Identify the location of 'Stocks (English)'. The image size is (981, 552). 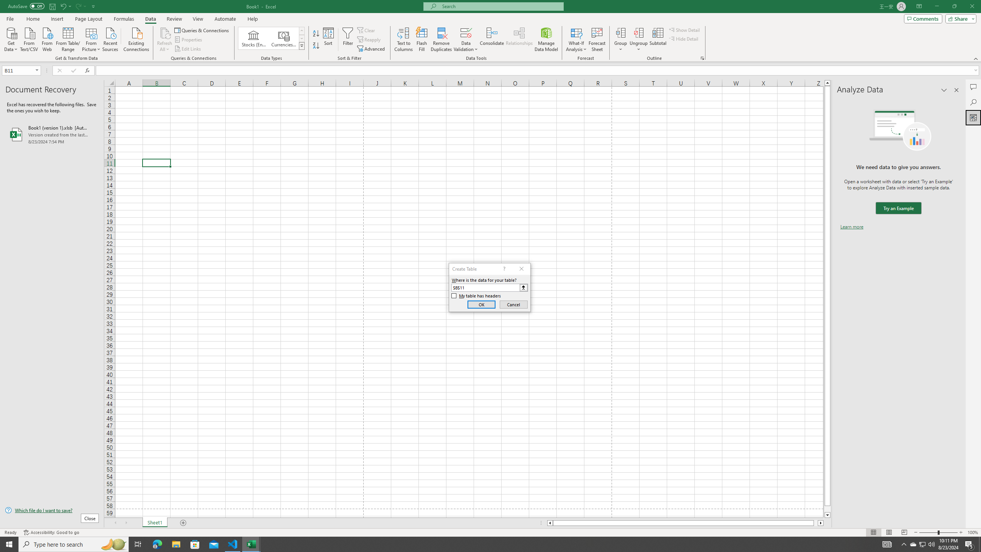
(253, 38).